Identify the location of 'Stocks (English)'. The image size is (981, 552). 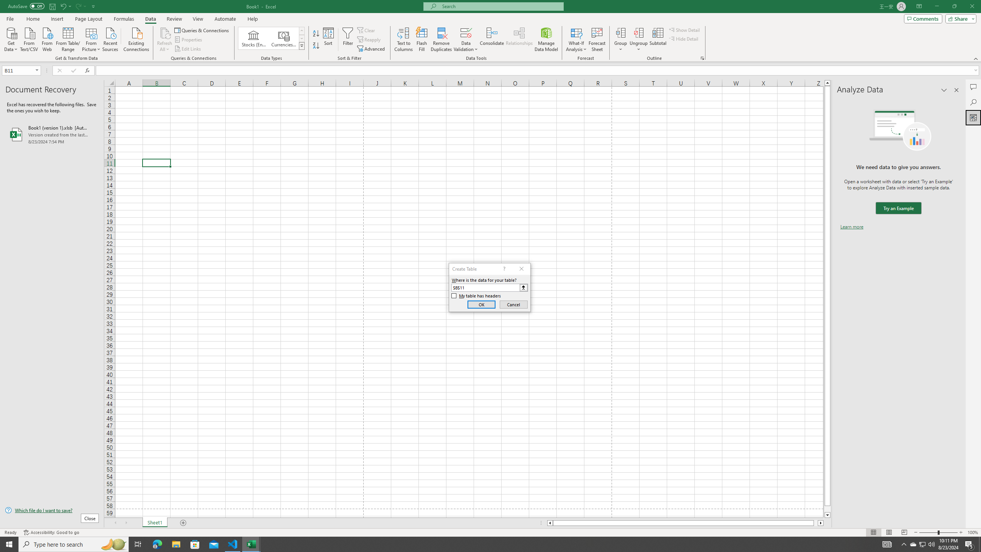
(253, 38).